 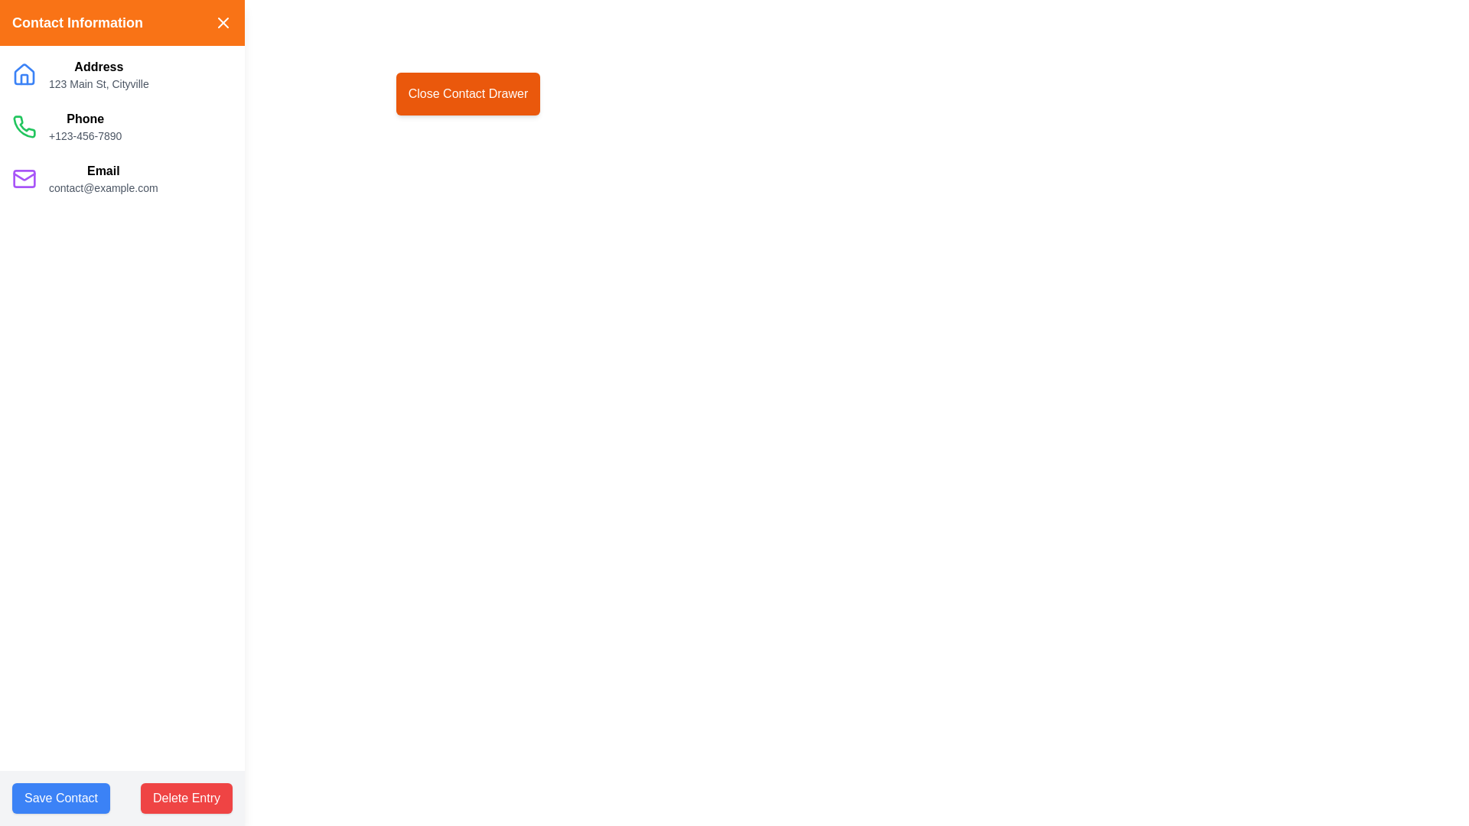 What do you see at coordinates (103, 187) in the screenshot?
I see `the static text label displaying the email address 'contact@example.com' located below the 'Email' label in the 'Contact Information' section` at bounding box center [103, 187].